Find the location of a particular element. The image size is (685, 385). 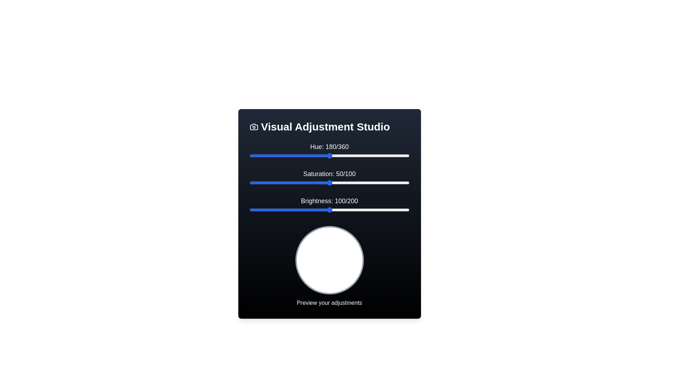

the 'Hue' slider to 128 by dragging the slider is located at coordinates (306, 155).